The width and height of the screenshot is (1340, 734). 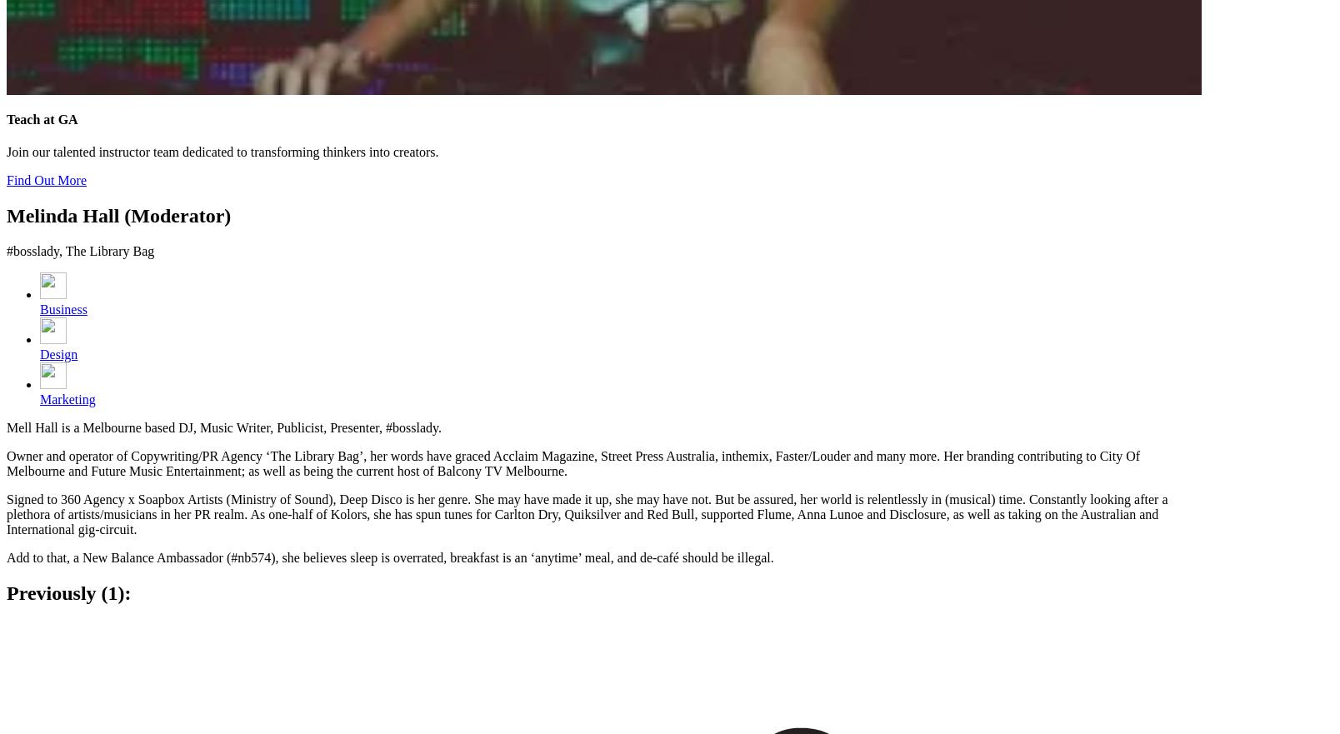 I want to click on 'Previously (1):', so click(x=68, y=592).